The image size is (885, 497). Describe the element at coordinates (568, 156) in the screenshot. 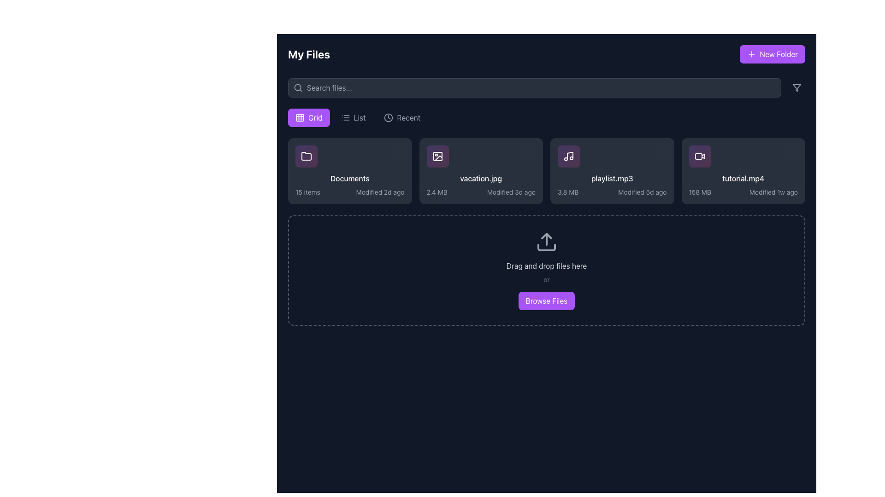

I see `the SVG Icon representing the 'playlist.mp3' file card, which is located at the center of the file card in the 'My Files' section` at that location.